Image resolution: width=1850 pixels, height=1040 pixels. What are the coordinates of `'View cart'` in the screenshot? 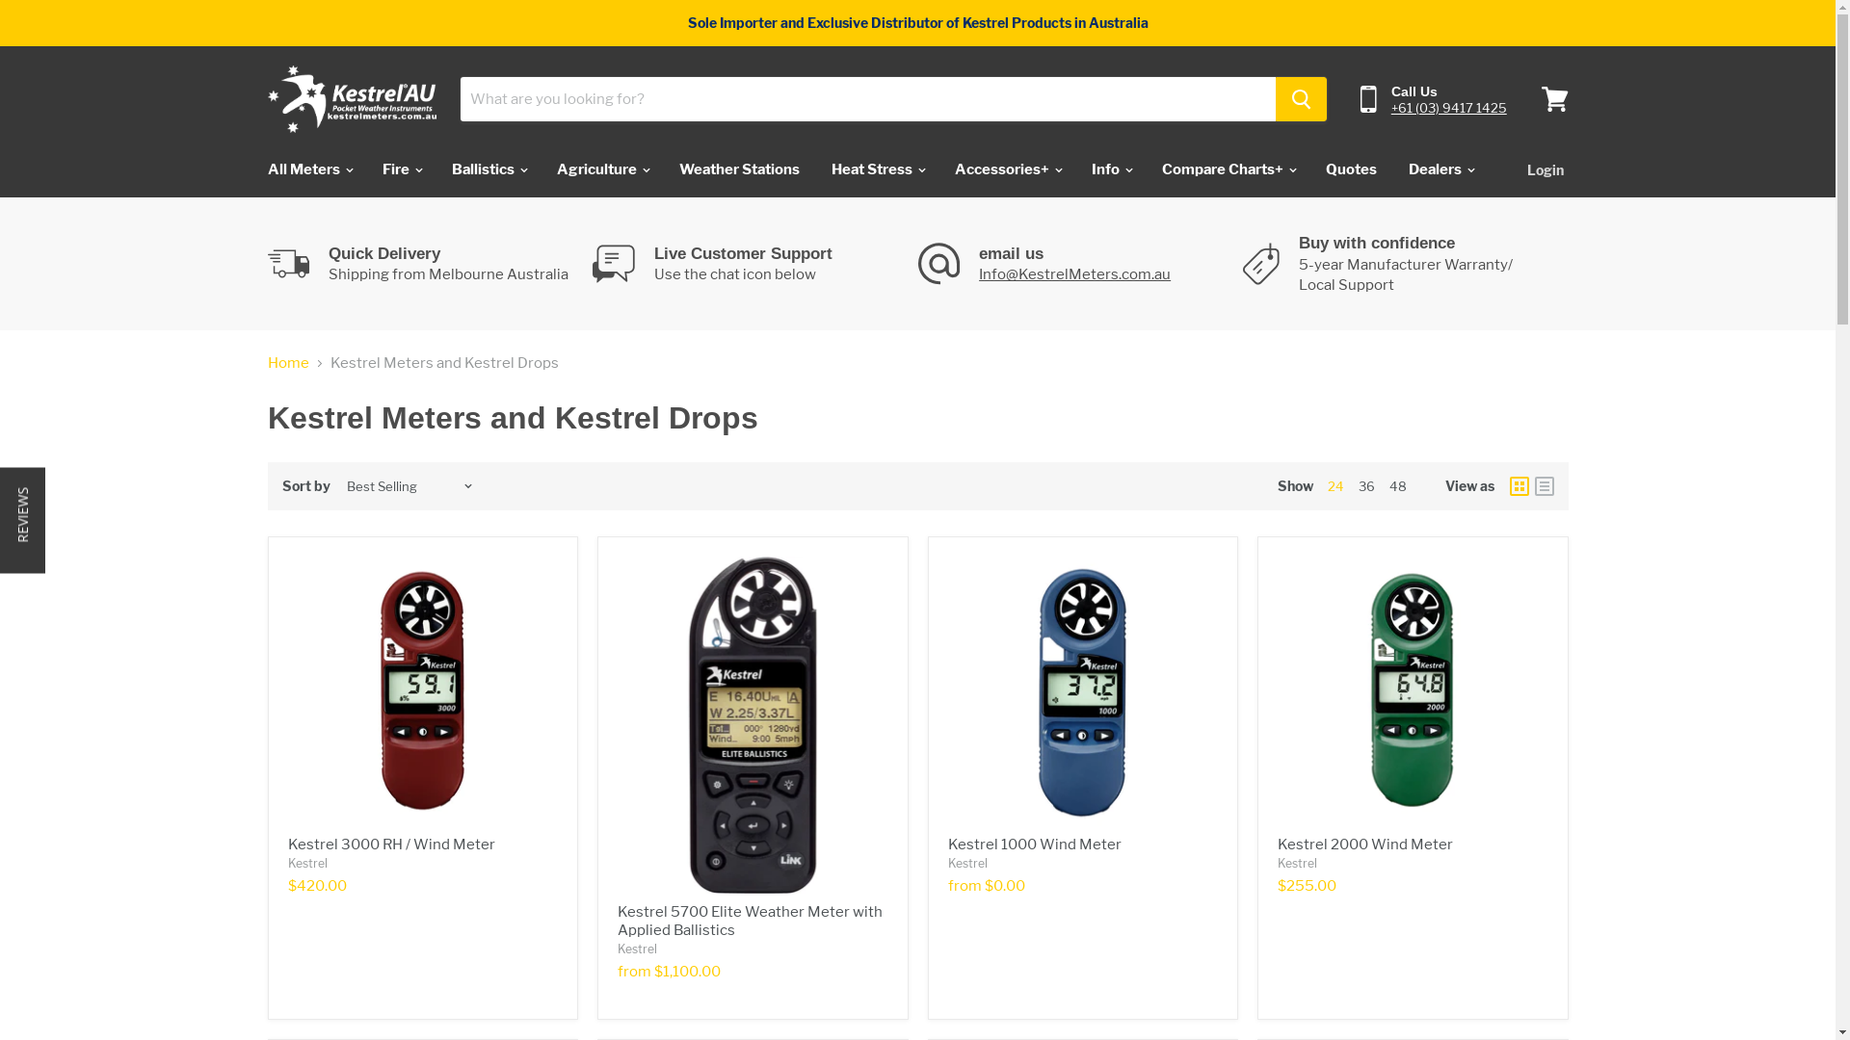 It's located at (1530, 99).